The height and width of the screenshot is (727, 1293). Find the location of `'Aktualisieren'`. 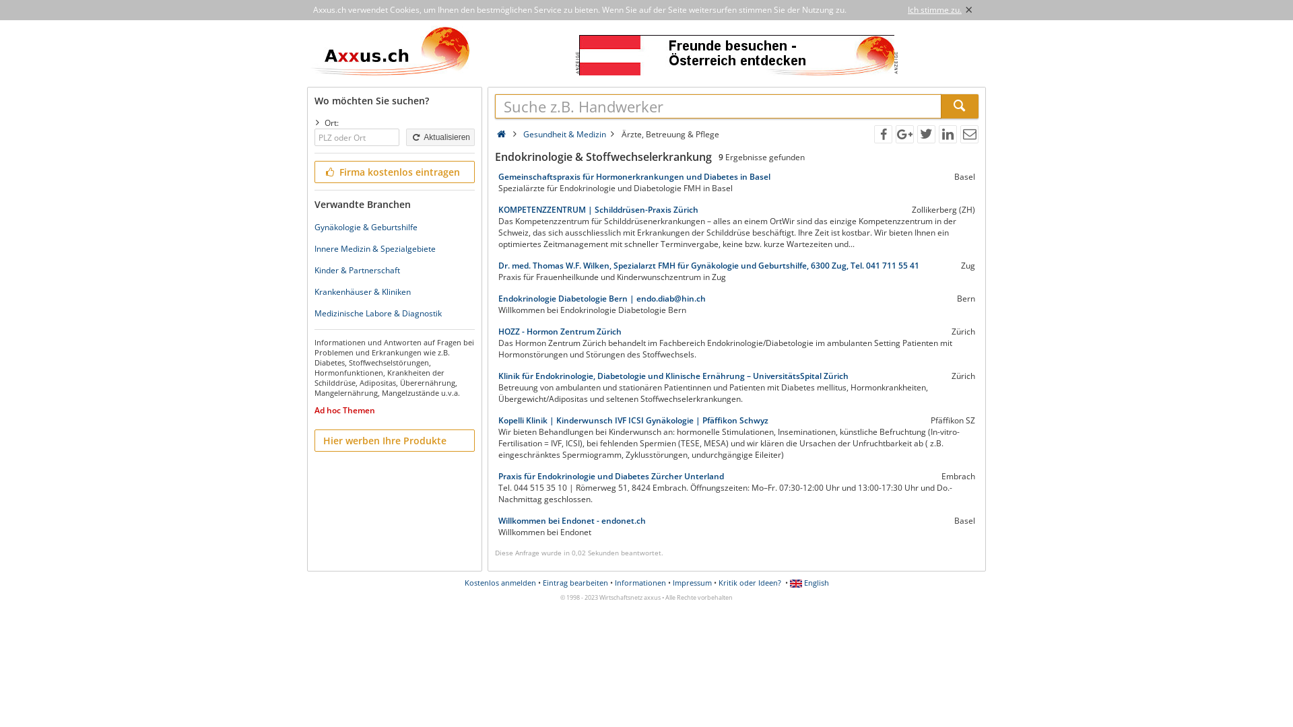

'Aktualisieren' is located at coordinates (440, 137).